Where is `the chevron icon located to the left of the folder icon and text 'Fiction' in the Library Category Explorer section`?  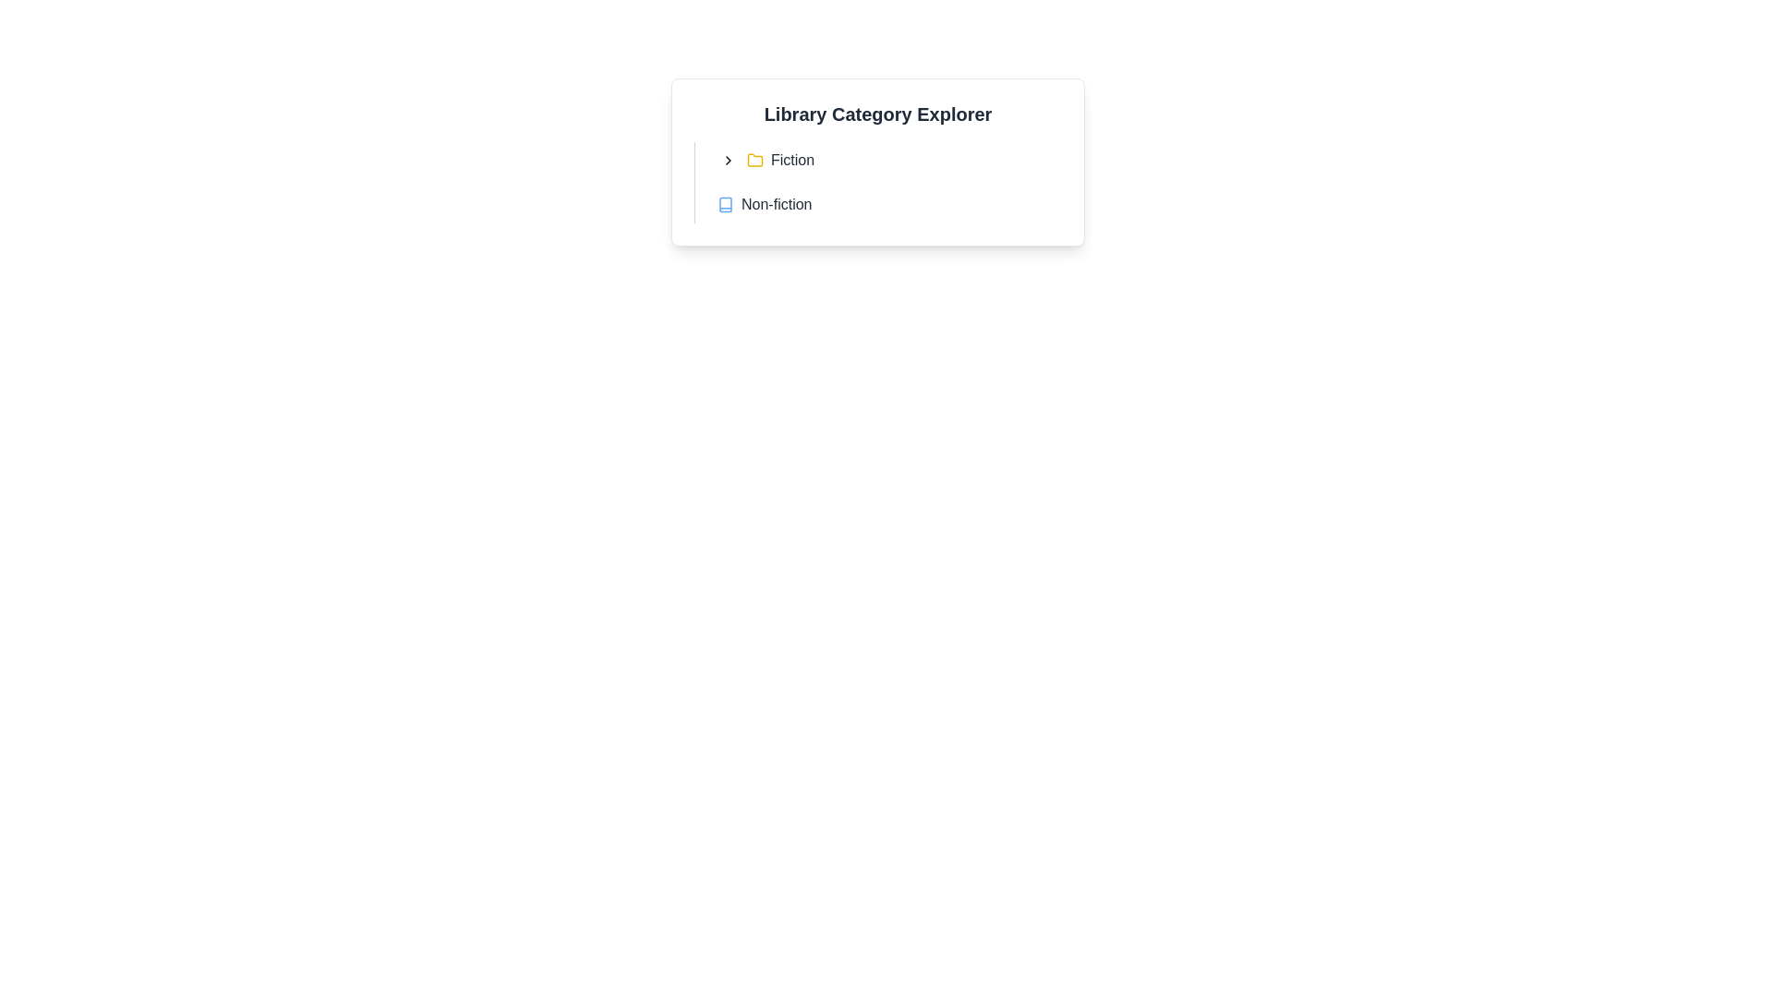 the chevron icon located to the left of the folder icon and text 'Fiction' in the Library Category Explorer section is located at coordinates (727, 159).